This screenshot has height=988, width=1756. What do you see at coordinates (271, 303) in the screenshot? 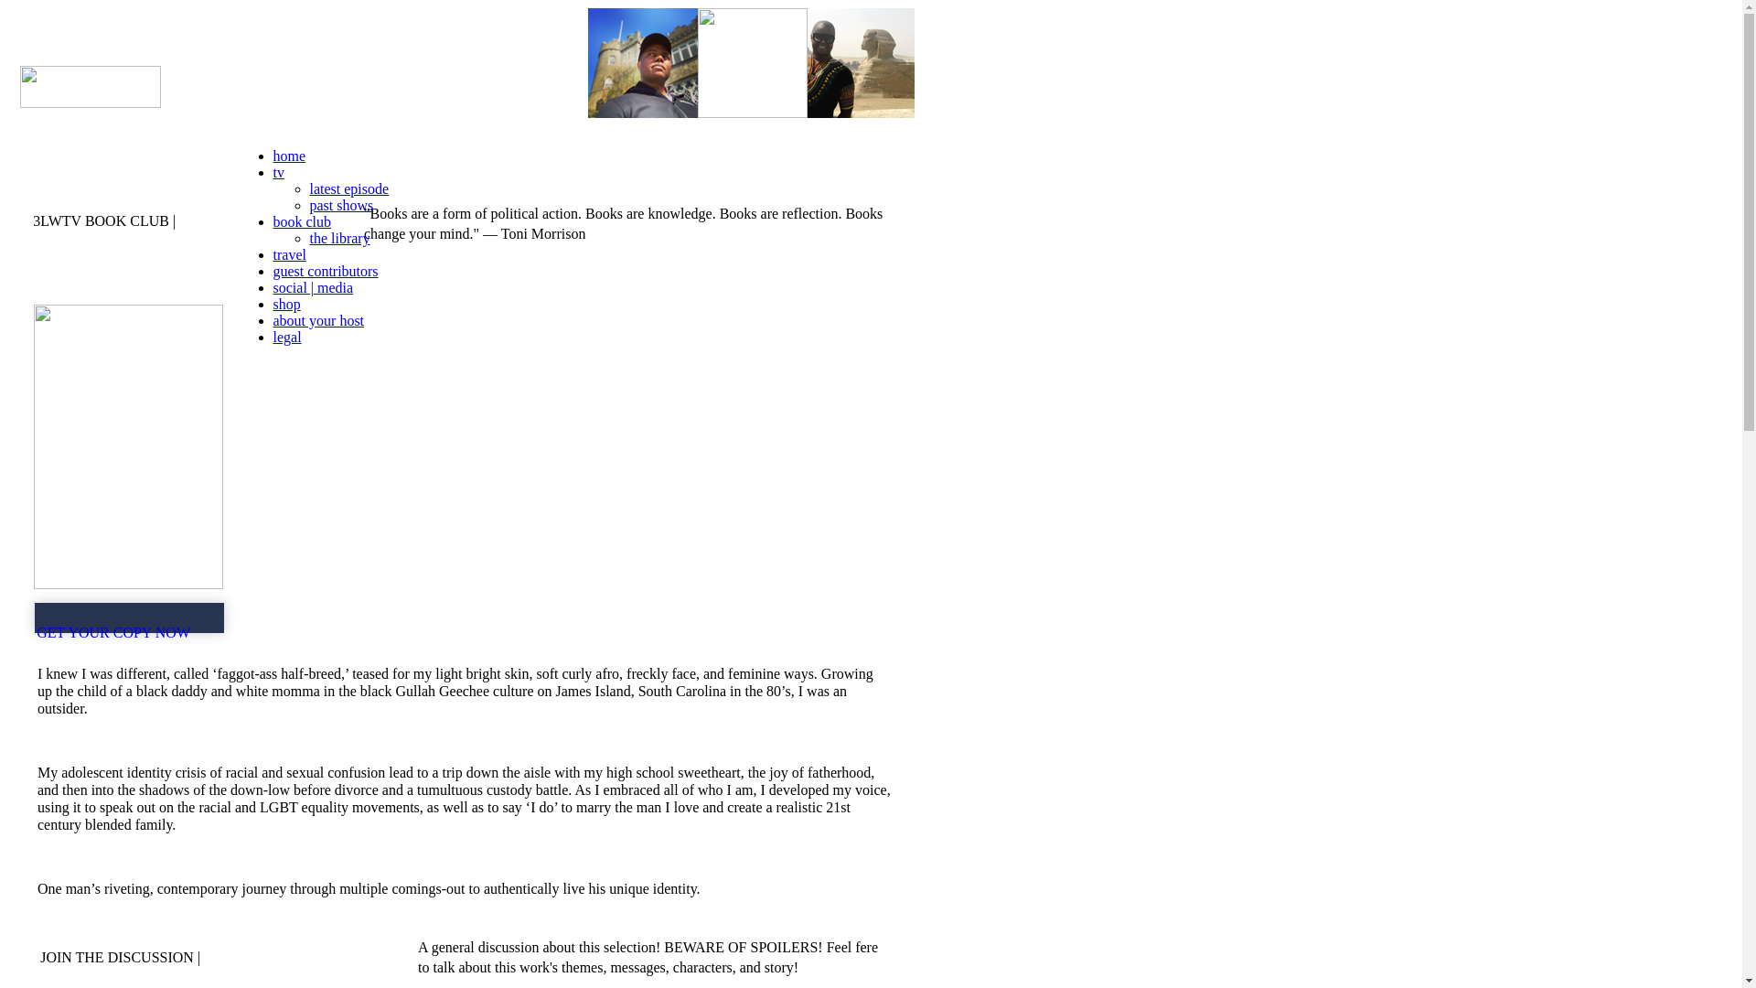
I see `'shop'` at bounding box center [271, 303].